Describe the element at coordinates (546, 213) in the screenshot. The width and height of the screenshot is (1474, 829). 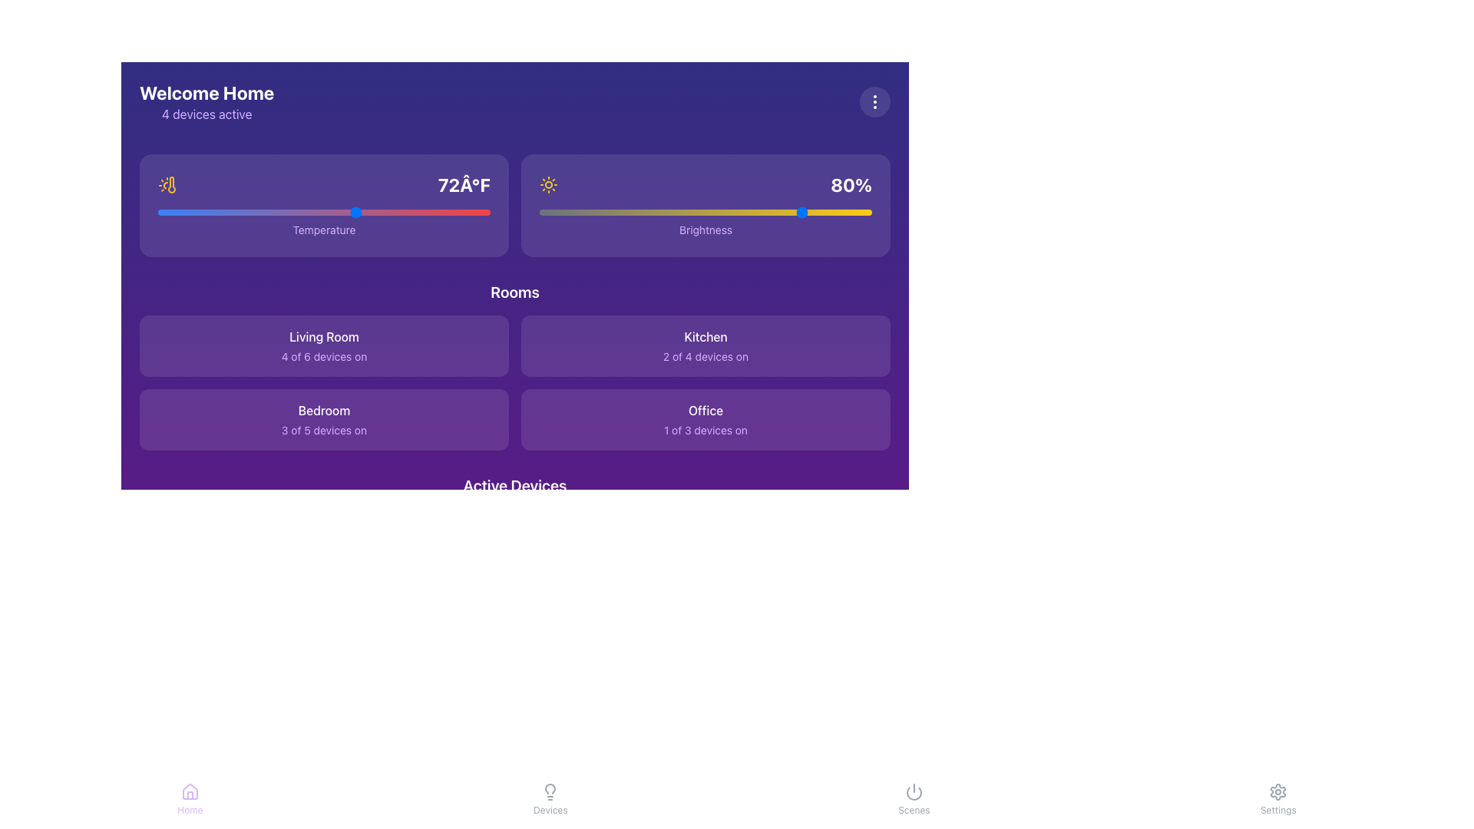
I see `brightness level` at that location.